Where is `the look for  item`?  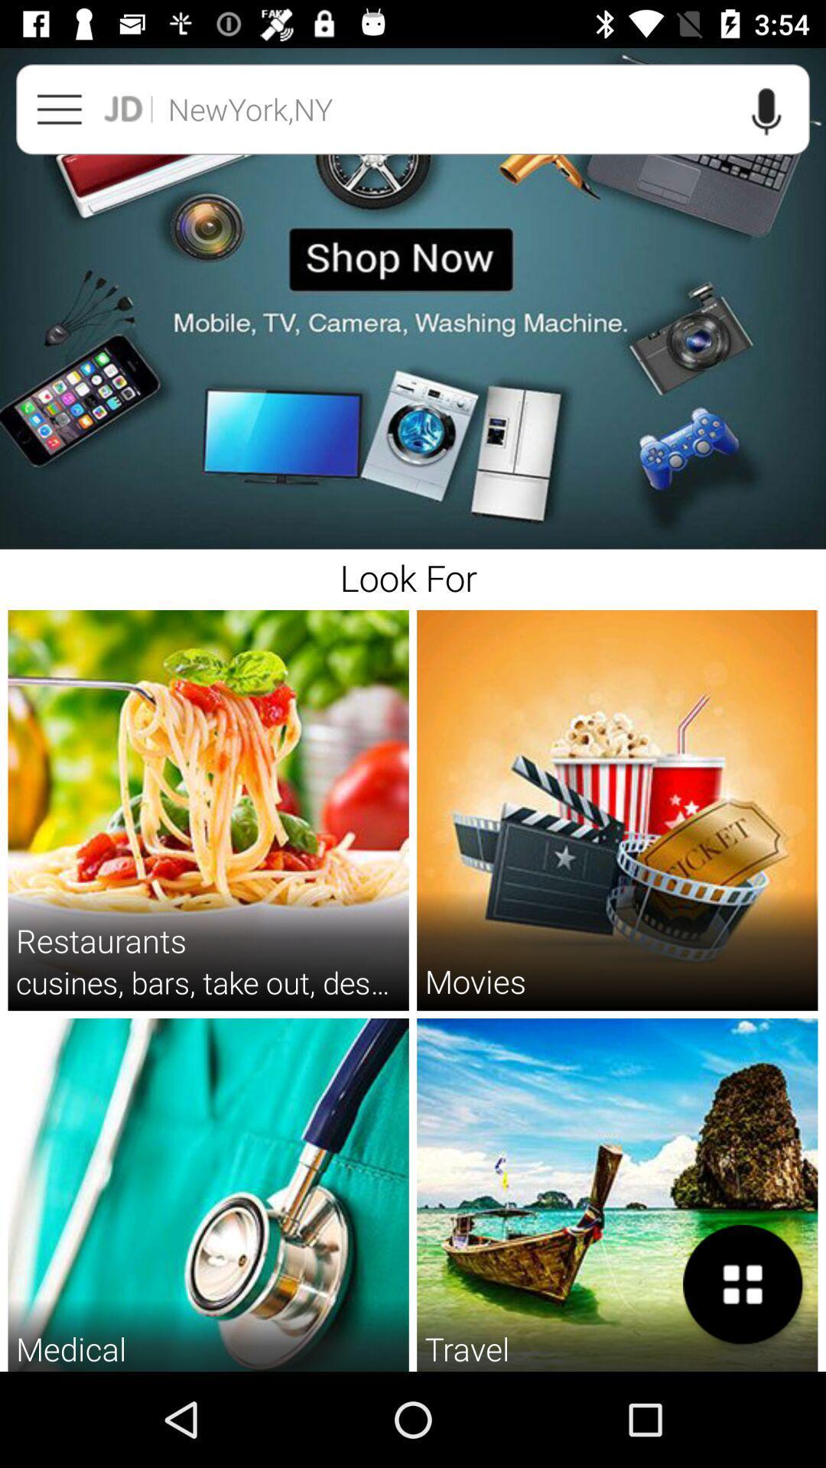 the look for  item is located at coordinates (413, 575).